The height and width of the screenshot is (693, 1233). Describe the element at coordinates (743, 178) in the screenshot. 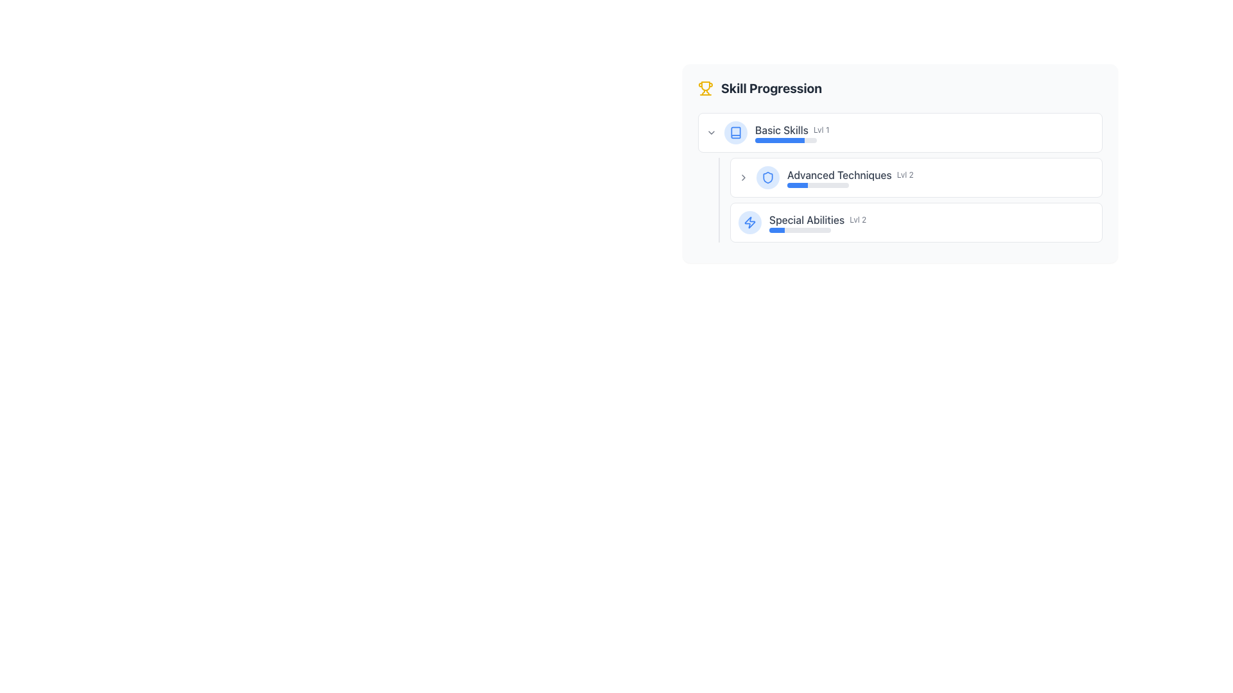

I see `the chevron icon located to the left of the text 'Advanced Techniques Lvl 2' in the 'Skill Progression' module` at that location.